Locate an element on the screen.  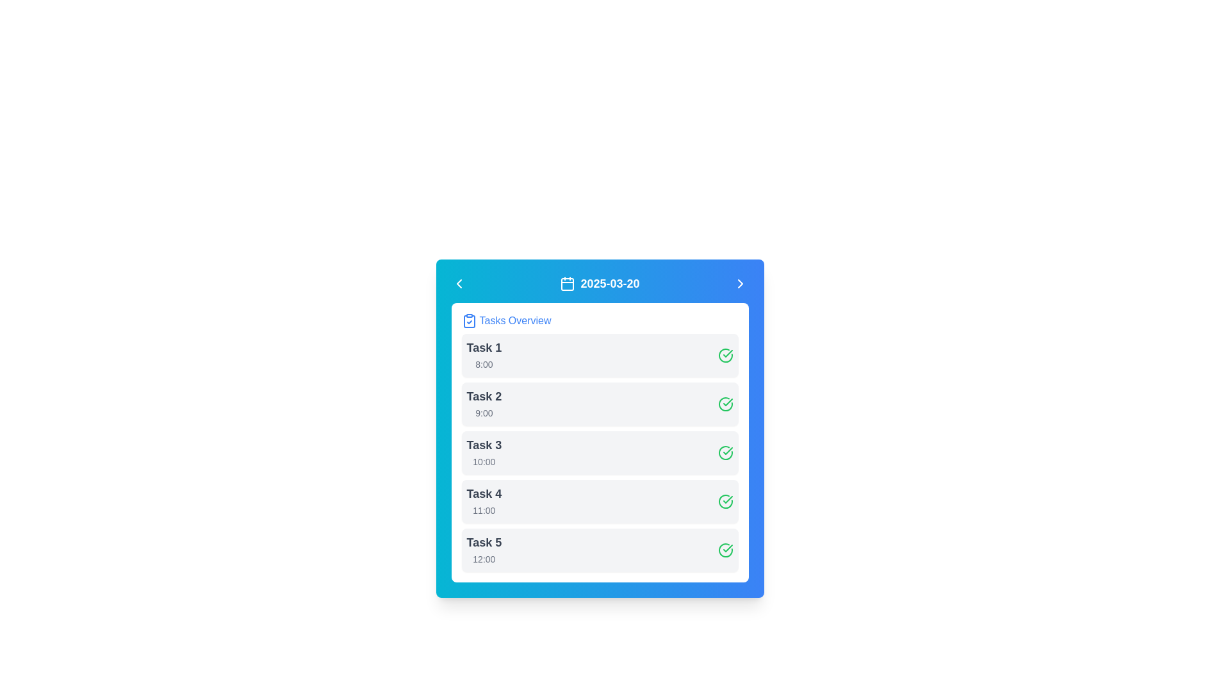
the icon representing the 'Tasks Overview' section, which is positioned to the left of the 'Tasks Overview' text within the blue-bordered rectangle is located at coordinates (468, 320).